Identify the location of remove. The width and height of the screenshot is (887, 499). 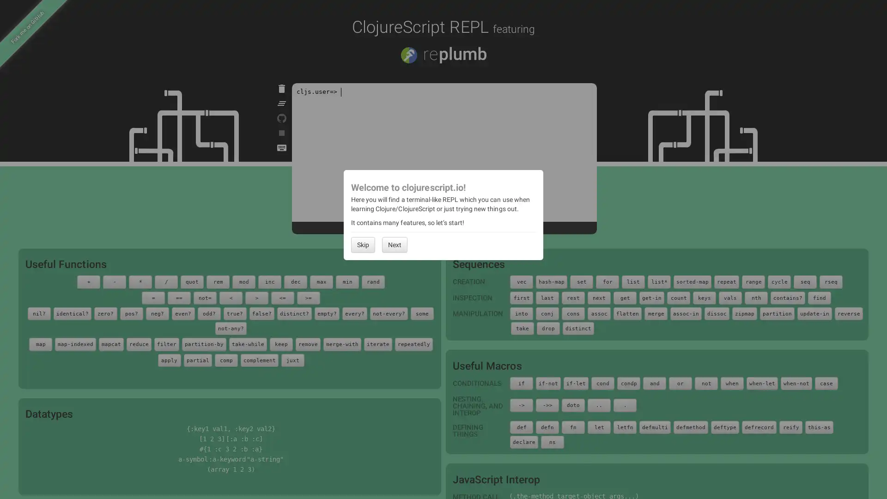
(308, 344).